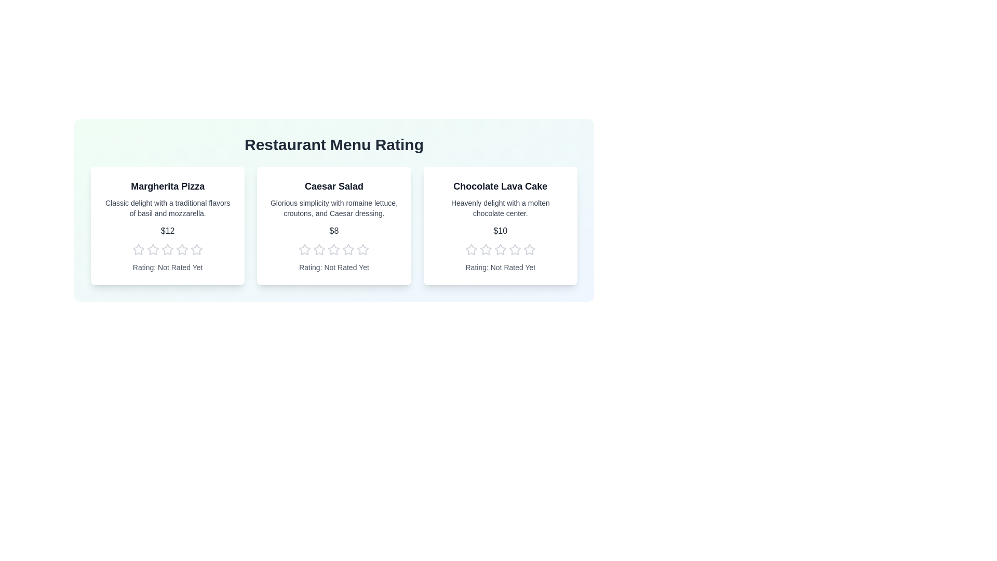 This screenshot has height=561, width=997. What do you see at coordinates (182, 250) in the screenshot?
I see `the 4 star to preview the rating` at bounding box center [182, 250].